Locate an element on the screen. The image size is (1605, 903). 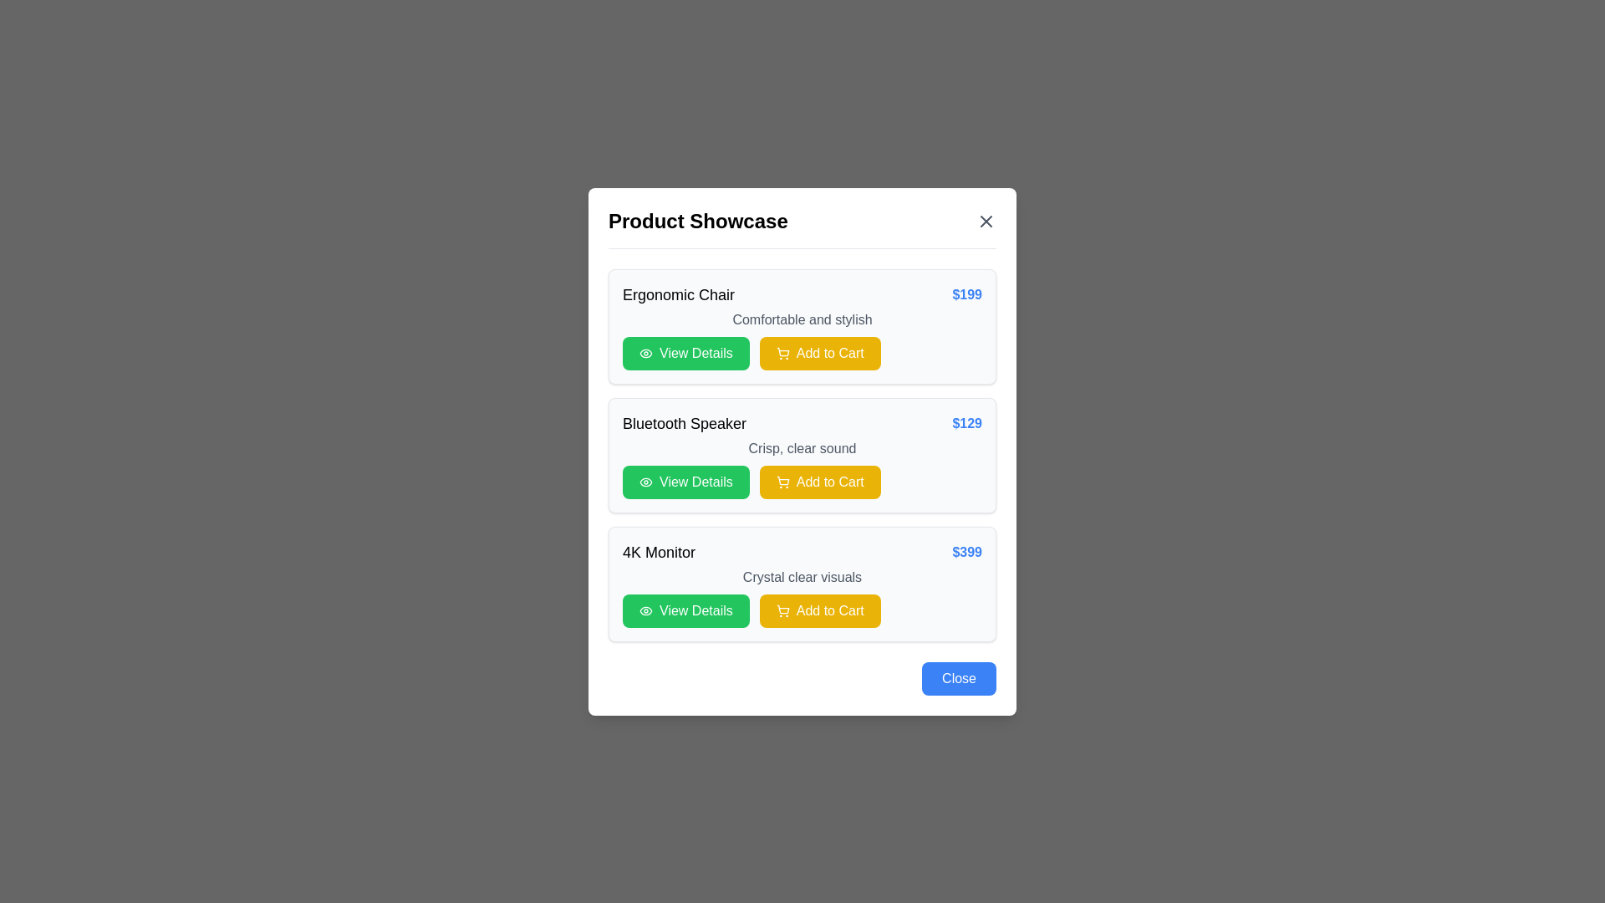
the price '$199' in the Product information card for 'Ergonomic Chair' is located at coordinates (802, 326).